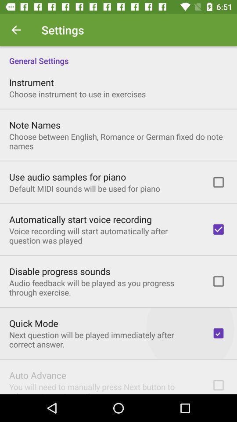  Describe the element at coordinates (104, 287) in the screenshot. I see `the audio feedback will icon` at that location.